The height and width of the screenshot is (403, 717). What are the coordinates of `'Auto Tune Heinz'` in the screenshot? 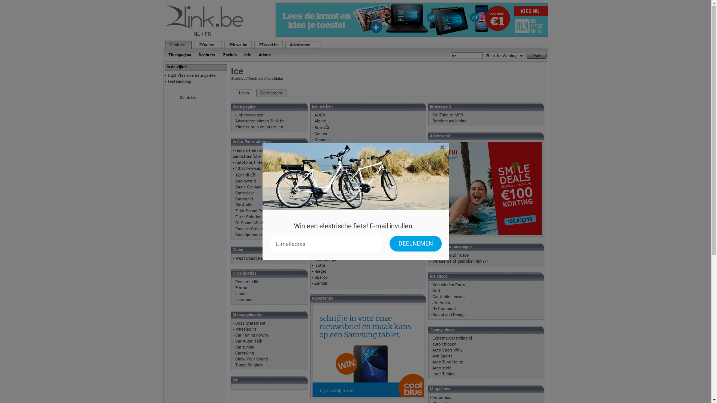 It's located at (447, 362).